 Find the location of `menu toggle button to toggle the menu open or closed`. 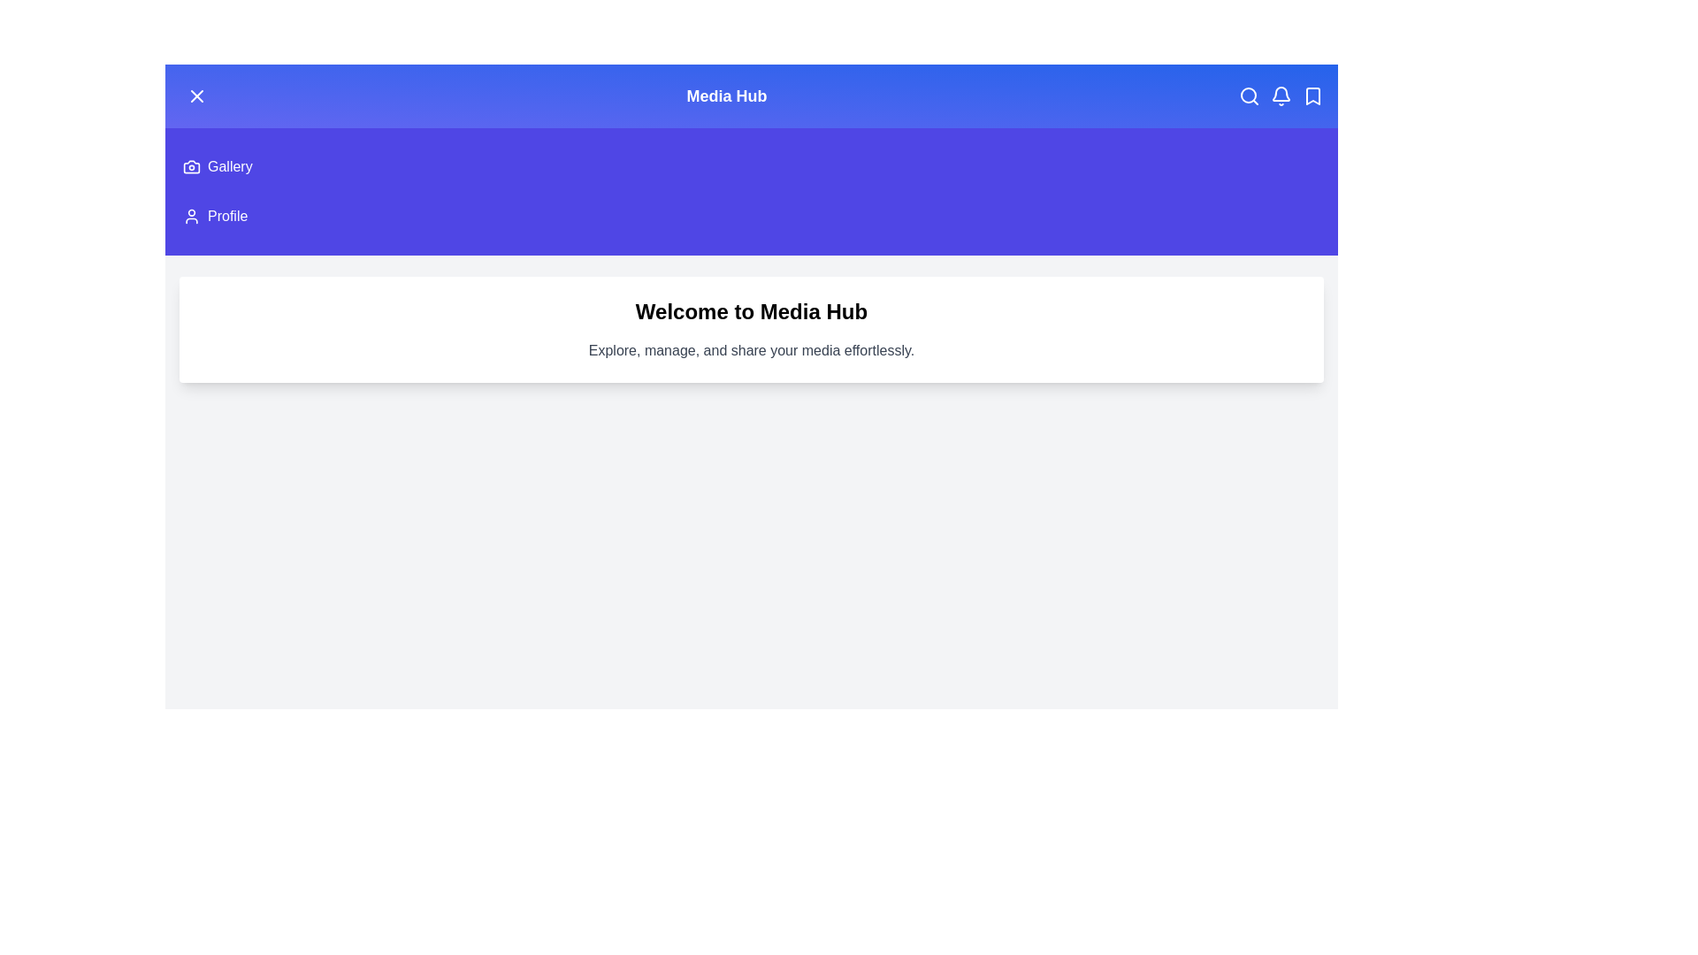

menu toggle button to toggle the menu open or closed is located at coordinates (196, 95).